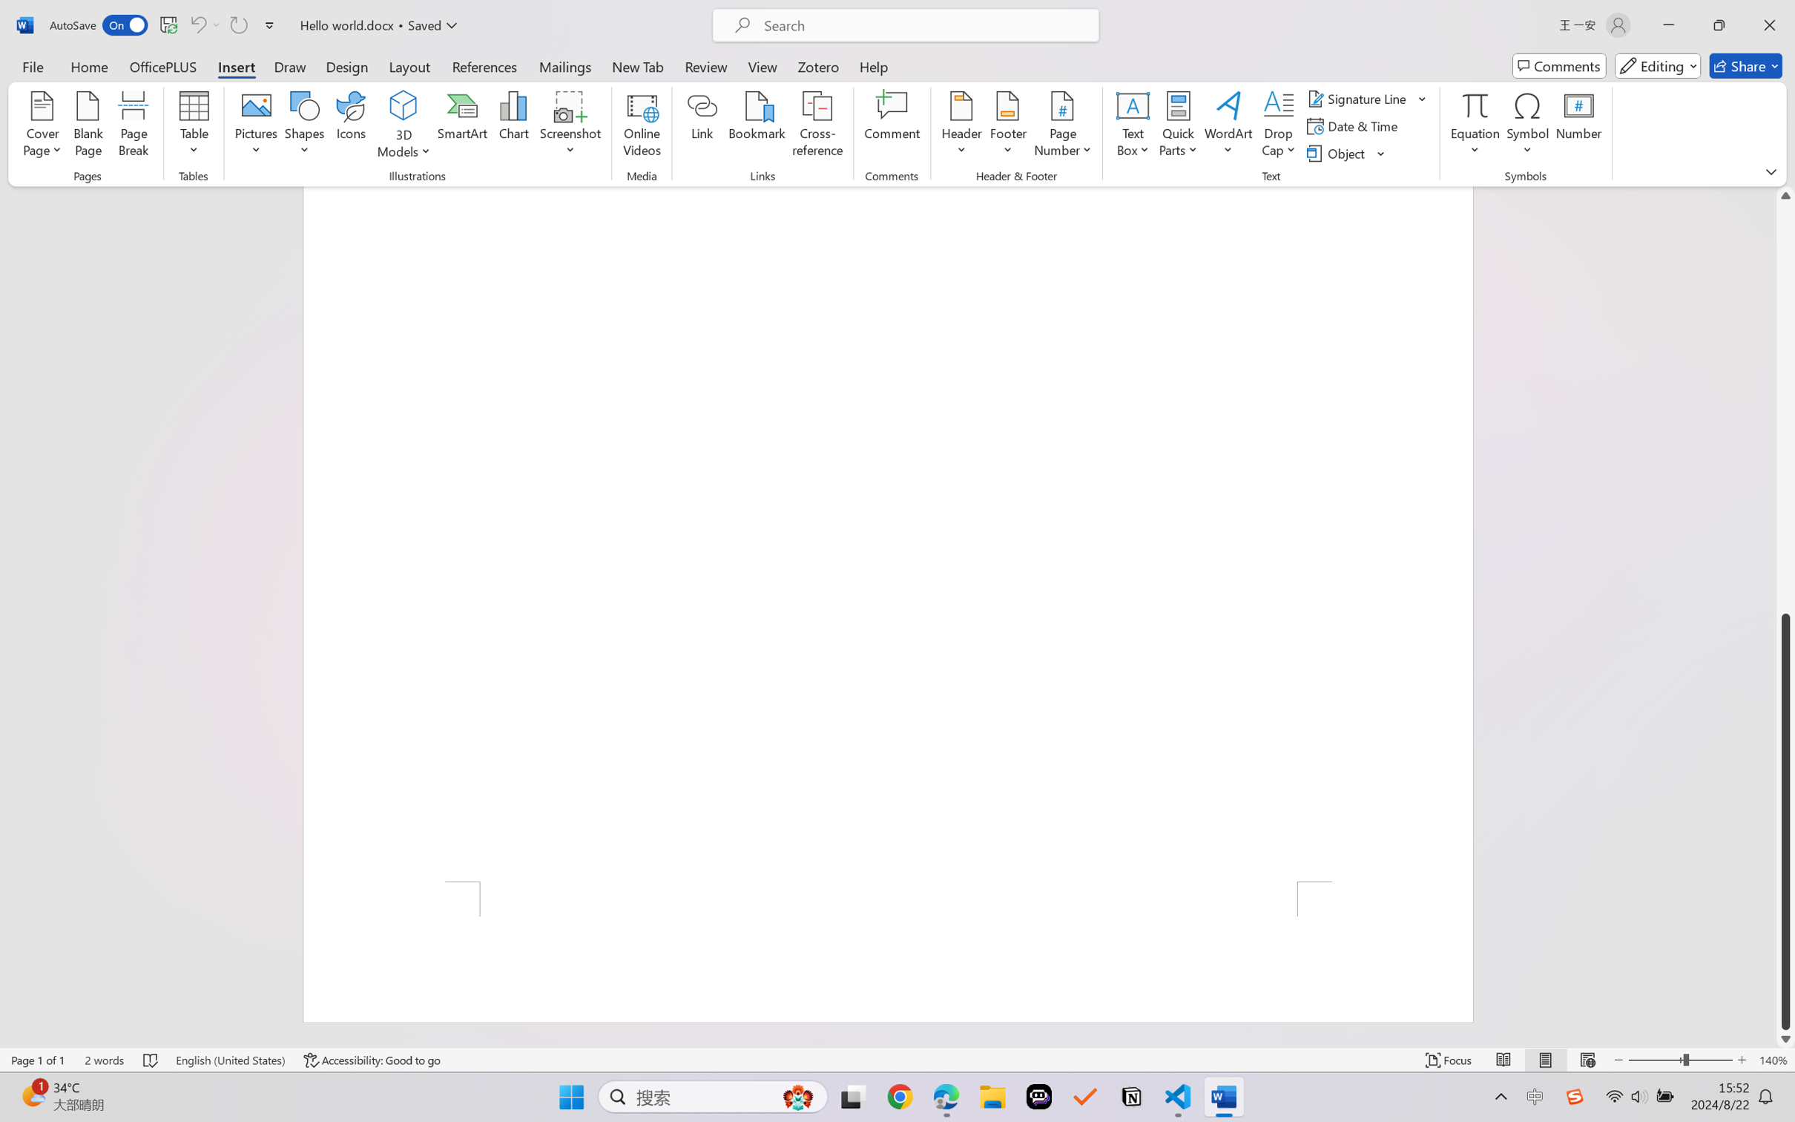 The image size is (1795, 1122). I want to click on 'Mailings', so click(565, 65).